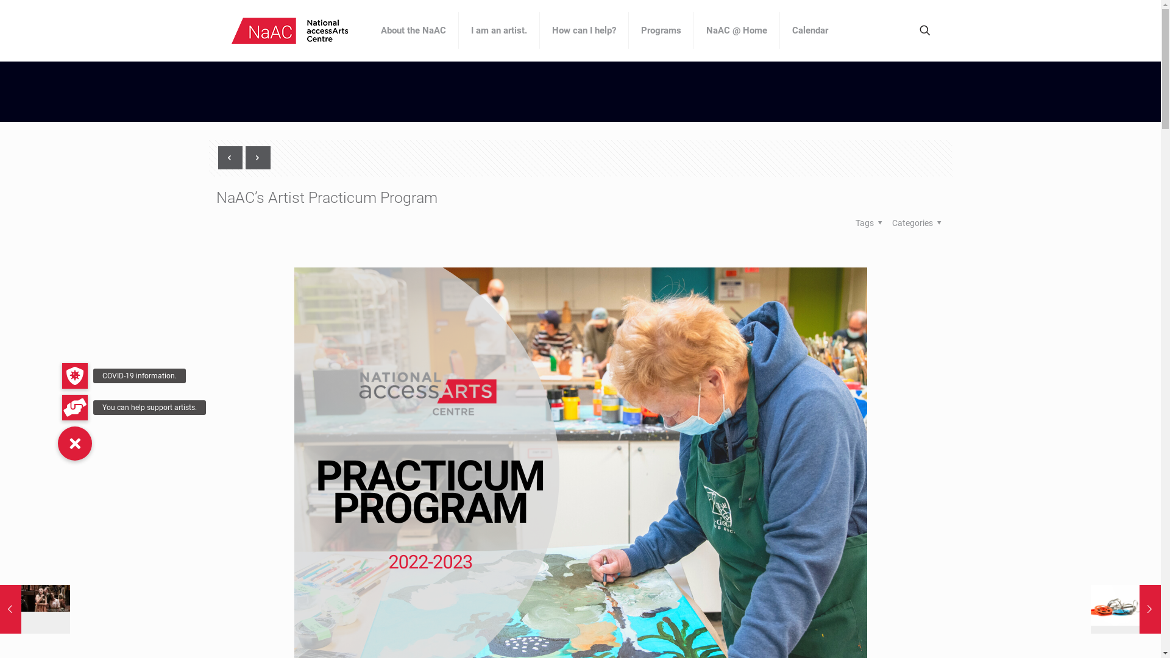 This screenshot has width=1170, height=658. Describe the element at coordinates (661, 30) in the screenshot. I see `'Programs'` at that location.